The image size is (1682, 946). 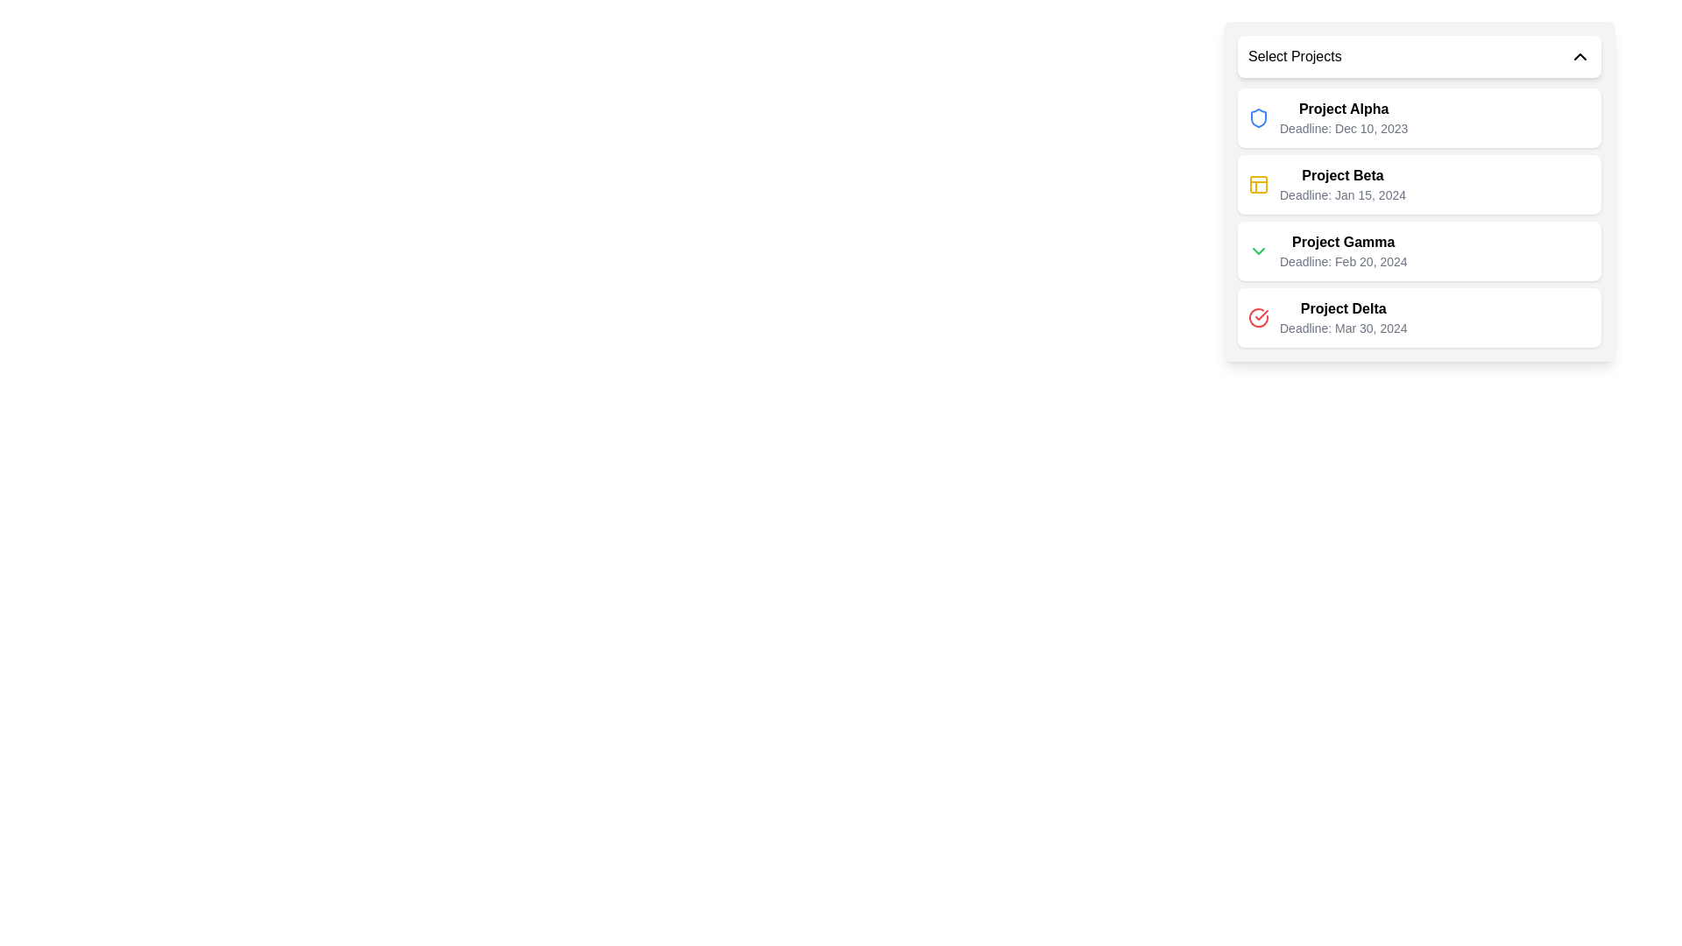 I want to click on the icon representing 'Project Beta' located immediately to the left of the text with the same name, so click(x=1257, y=185).